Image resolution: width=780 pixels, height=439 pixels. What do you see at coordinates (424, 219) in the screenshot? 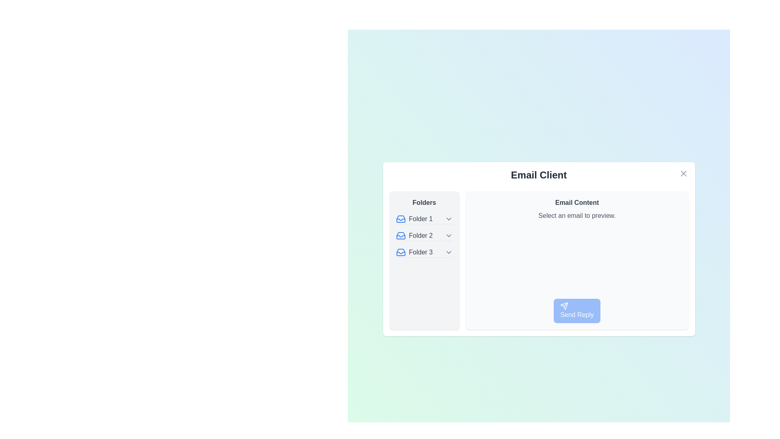
I see `the first selectable folder in the 'Folders' list on the left side of the email client` at bounding box center [424, 219].